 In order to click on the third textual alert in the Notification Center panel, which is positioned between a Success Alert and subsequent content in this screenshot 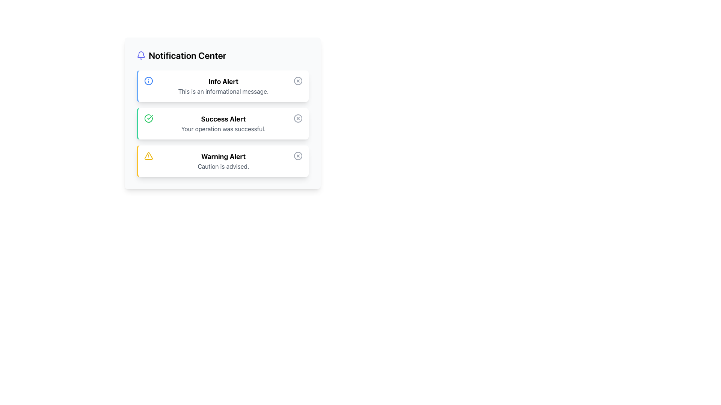, I will do `click(223, 160)`.